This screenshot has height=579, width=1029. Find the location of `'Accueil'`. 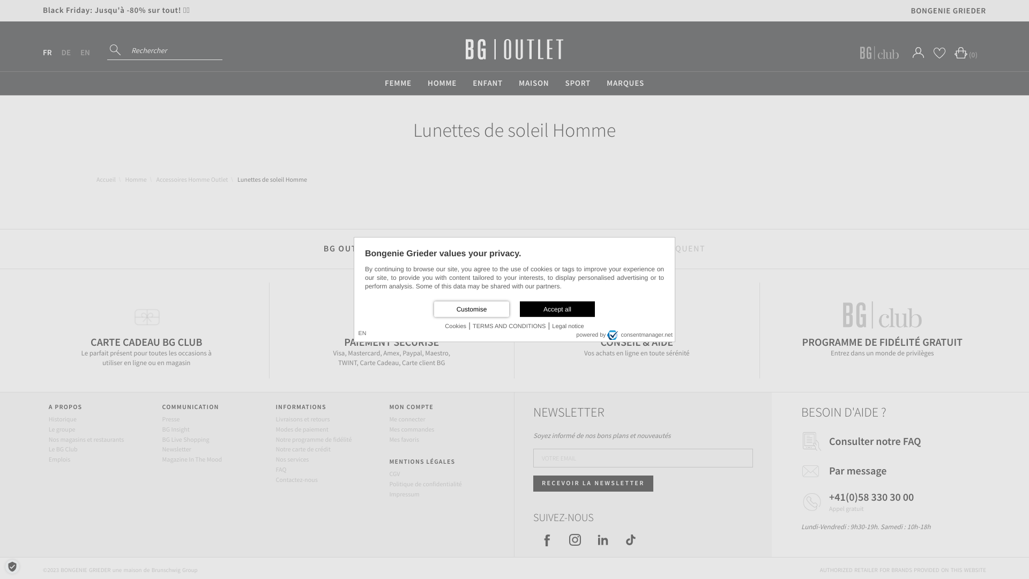

'Accueil' is located at coordinates (96, 179).